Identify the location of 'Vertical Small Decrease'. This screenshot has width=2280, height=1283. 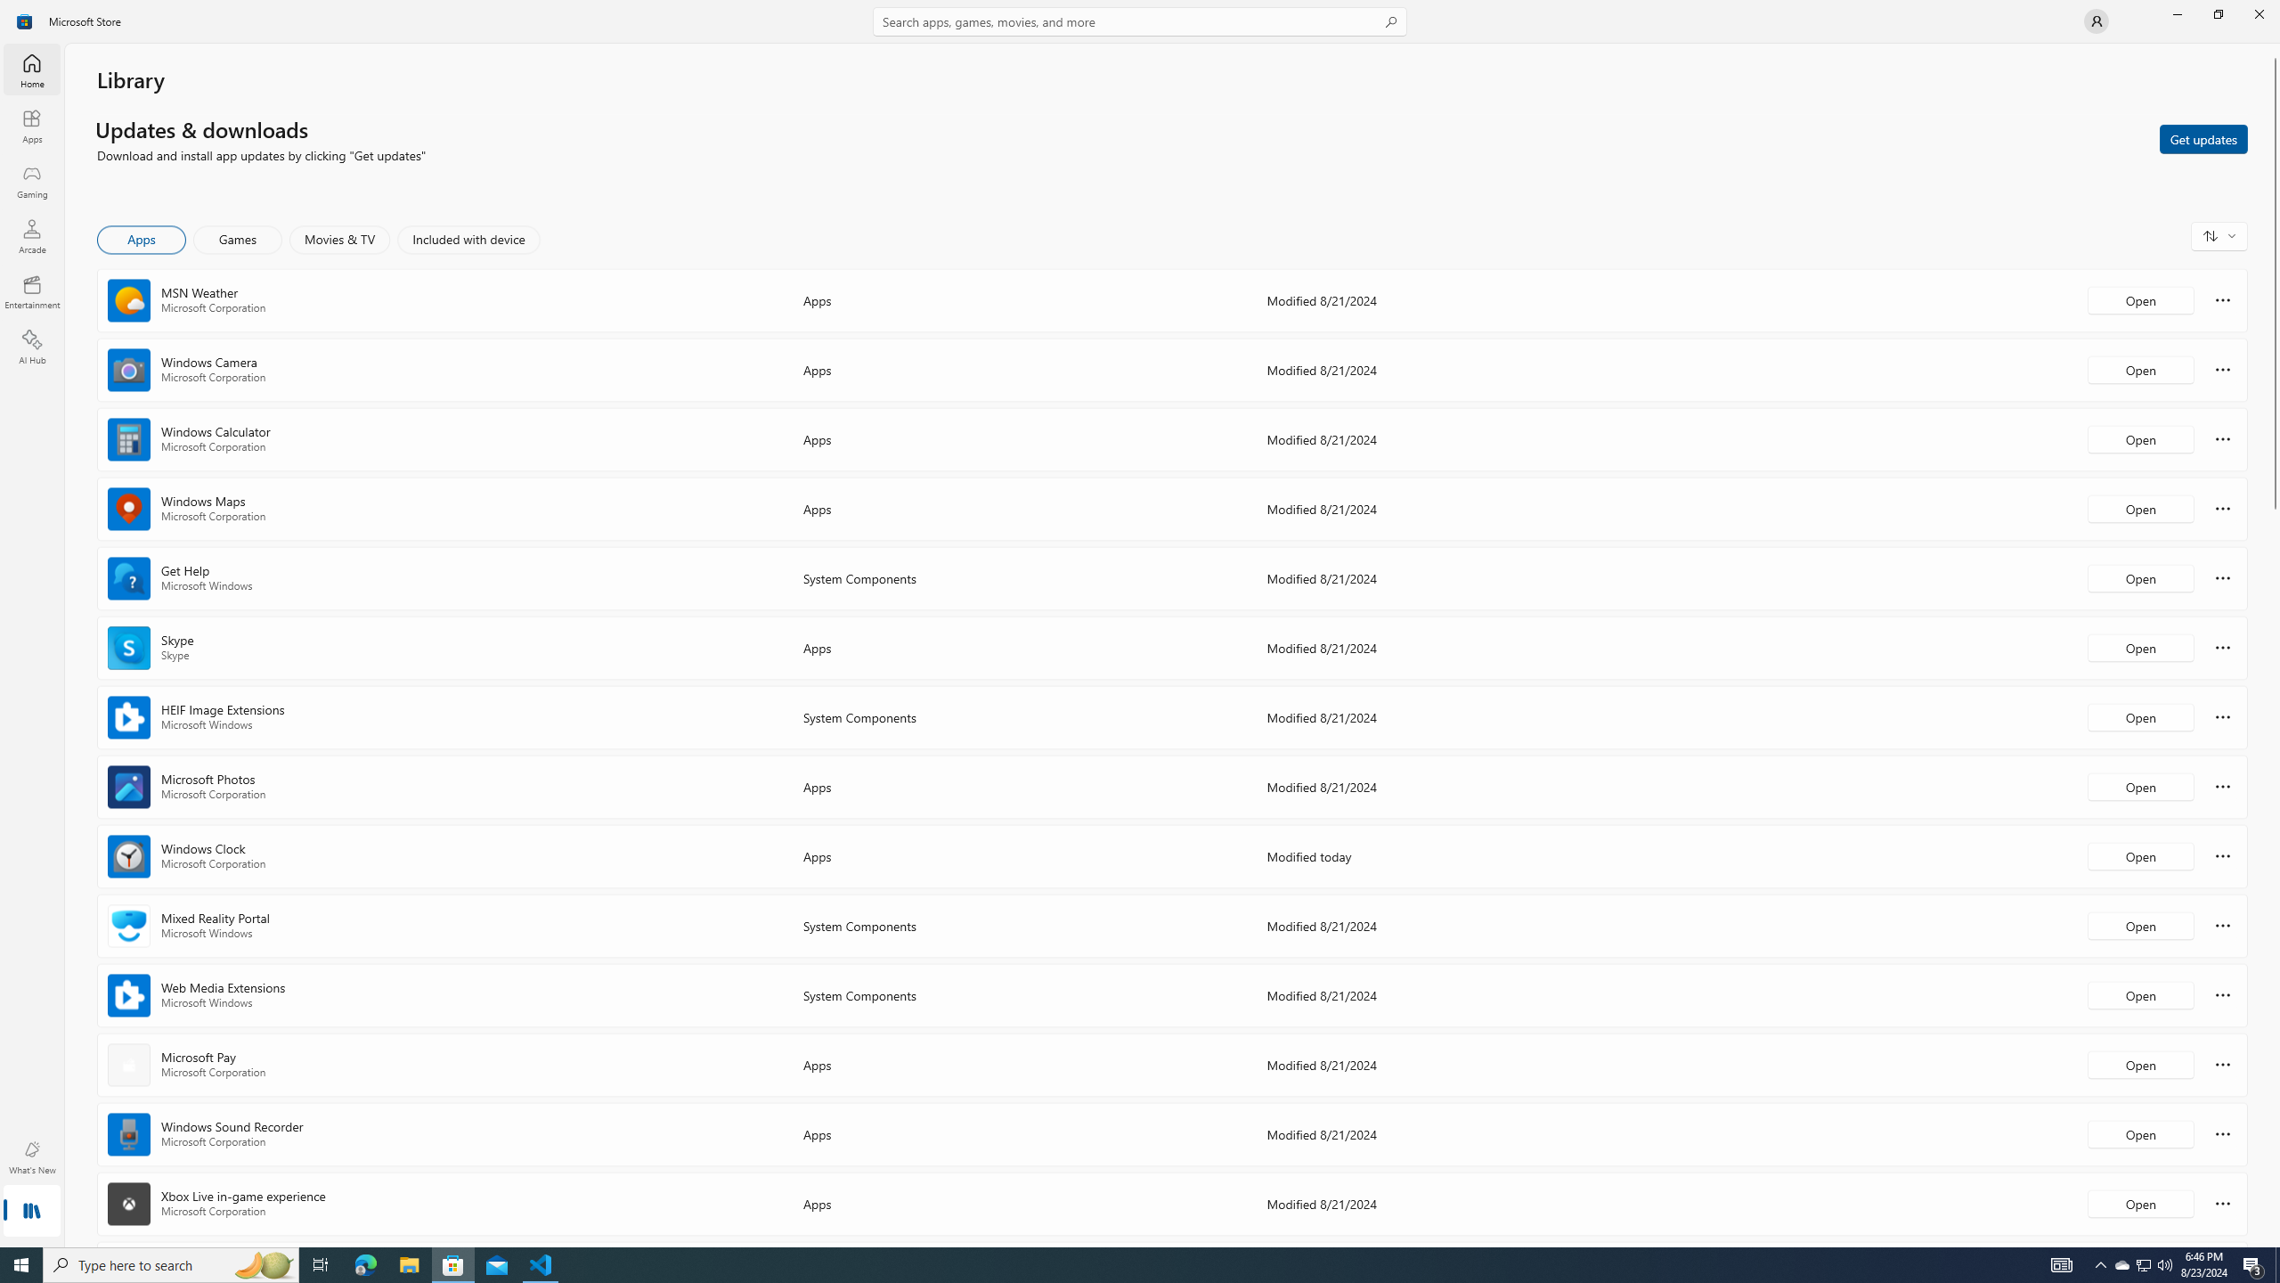
(2273, 49).